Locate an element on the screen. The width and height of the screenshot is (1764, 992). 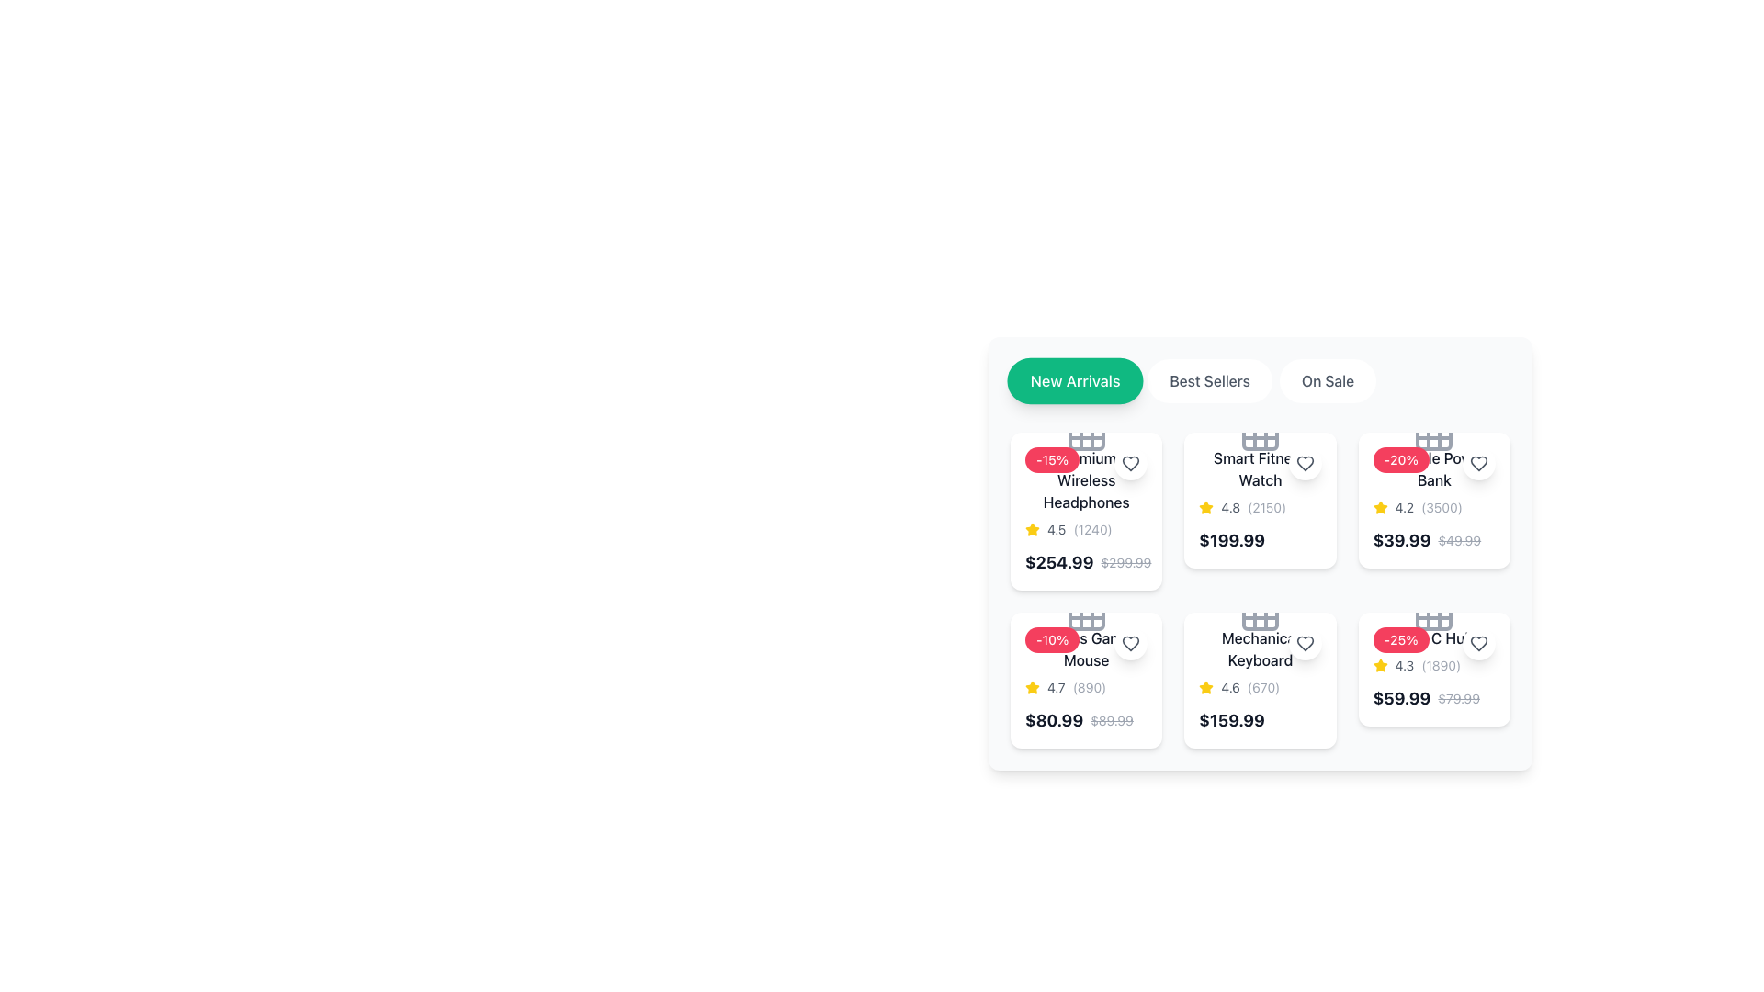
the heart-shaped icon button in the top-right corner of the product card for 'Portable Power Bank' to mark it as a favorite or remove it from favorites is located at coordinates (1478, 463).